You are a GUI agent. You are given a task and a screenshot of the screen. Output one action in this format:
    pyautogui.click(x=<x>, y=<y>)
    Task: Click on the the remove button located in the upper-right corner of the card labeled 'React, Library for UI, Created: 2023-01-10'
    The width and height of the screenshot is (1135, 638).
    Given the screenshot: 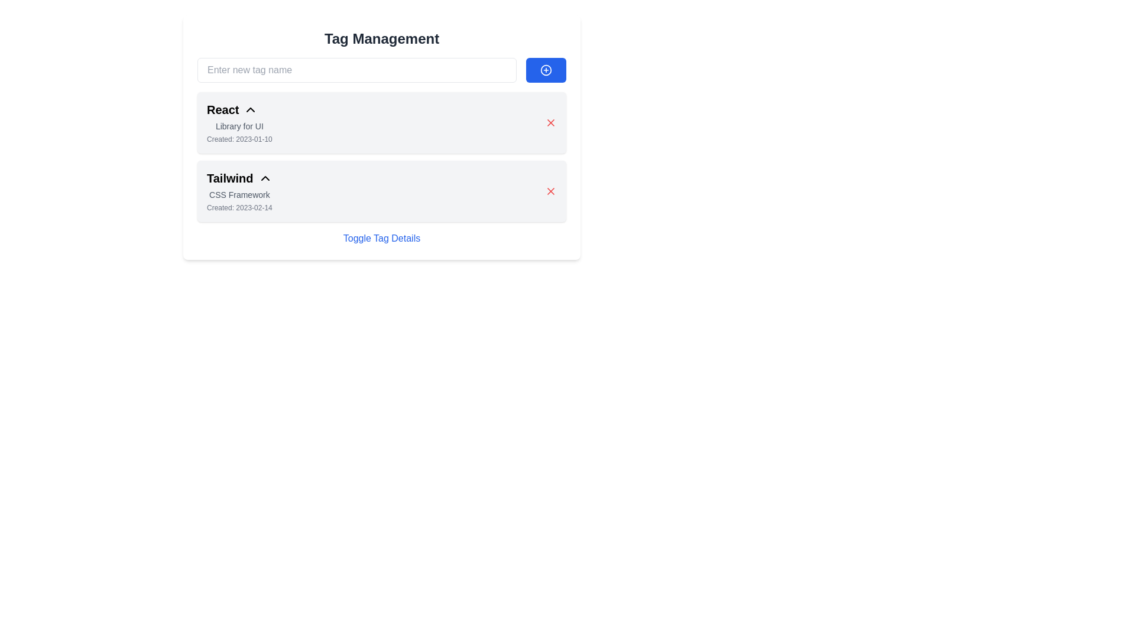 What is the action you would take?
    pyautogui.click(x=550, y=123)
    